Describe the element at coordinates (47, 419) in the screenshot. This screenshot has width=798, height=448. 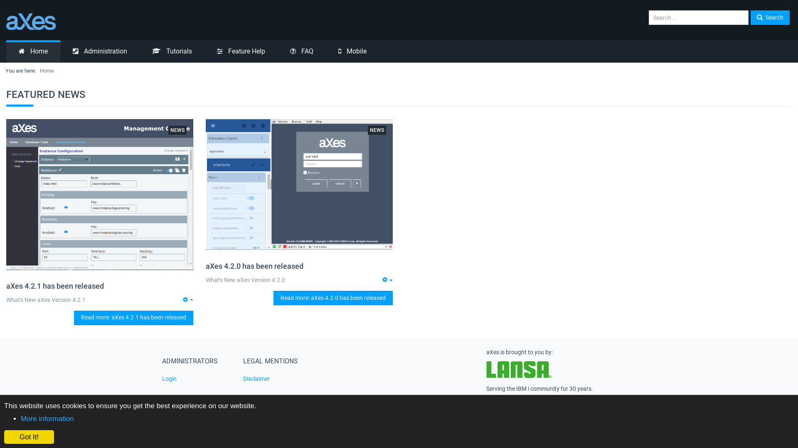
I see `'More information'` at that location.